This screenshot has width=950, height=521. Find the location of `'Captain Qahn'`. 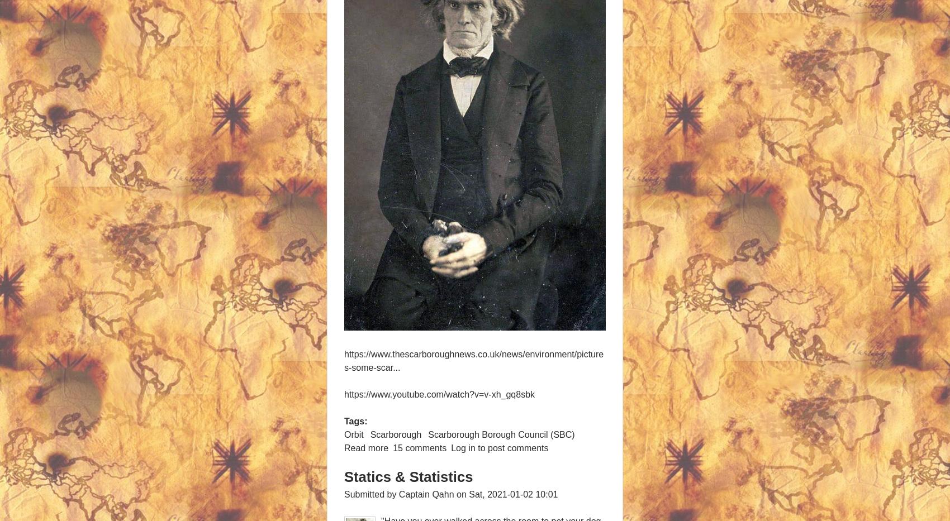

'Captain Qahn' is located at coordinates (425, 494).